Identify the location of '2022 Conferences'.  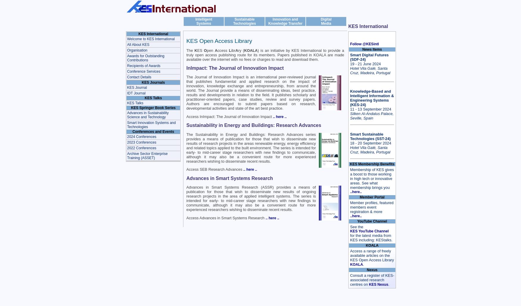
(142, 148).